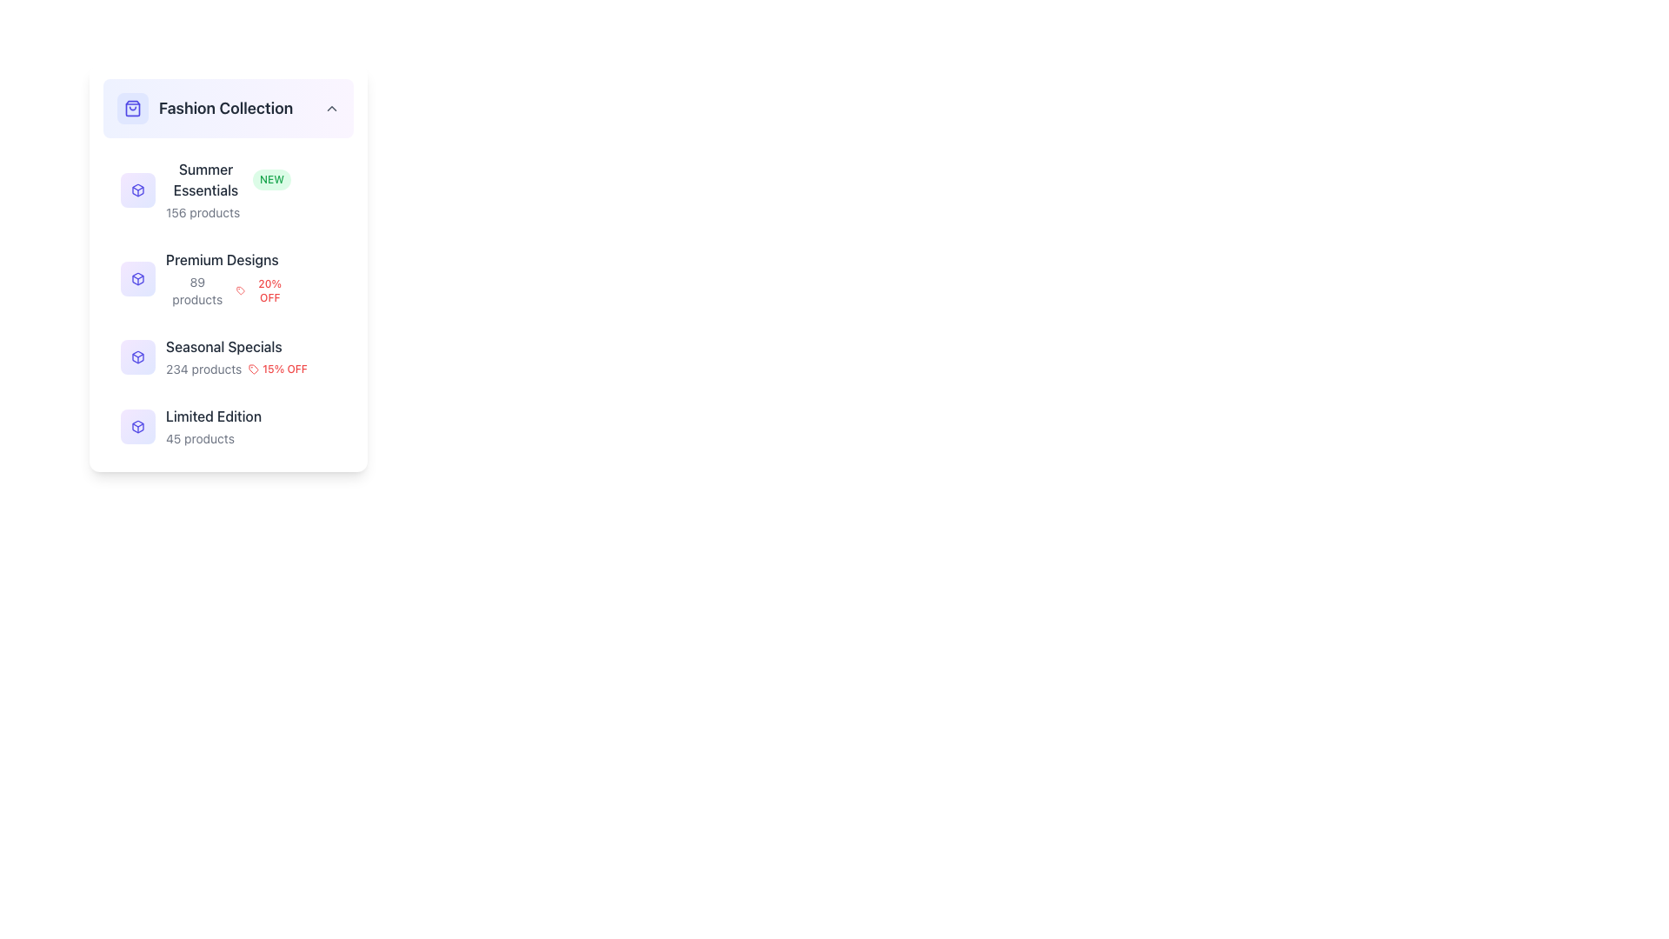 The image size is (1669, 939). Describe the element at coordinates (136, 426) in the screenshot. I see `the square icon with rounded corners that has a gradient from light purple to light indigo and features a stylized box icon outlined in purple, located in the sidebar menu above the text 'Limited Edition'` at that location.